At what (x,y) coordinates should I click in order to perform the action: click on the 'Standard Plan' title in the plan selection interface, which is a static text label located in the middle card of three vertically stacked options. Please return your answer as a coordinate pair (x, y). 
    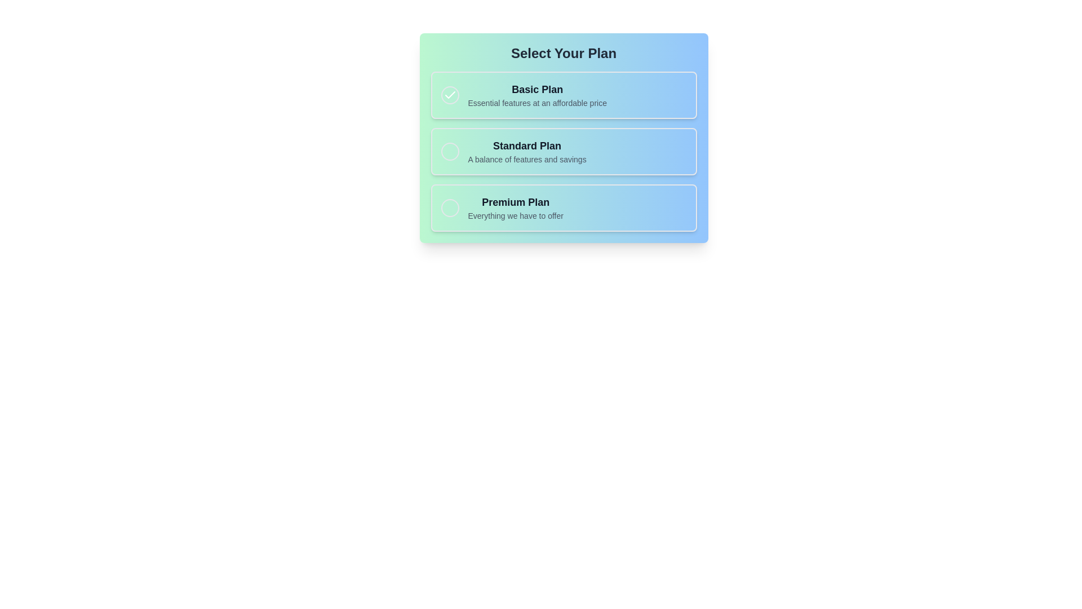
    Looking at the image, I should click on (526, 145).